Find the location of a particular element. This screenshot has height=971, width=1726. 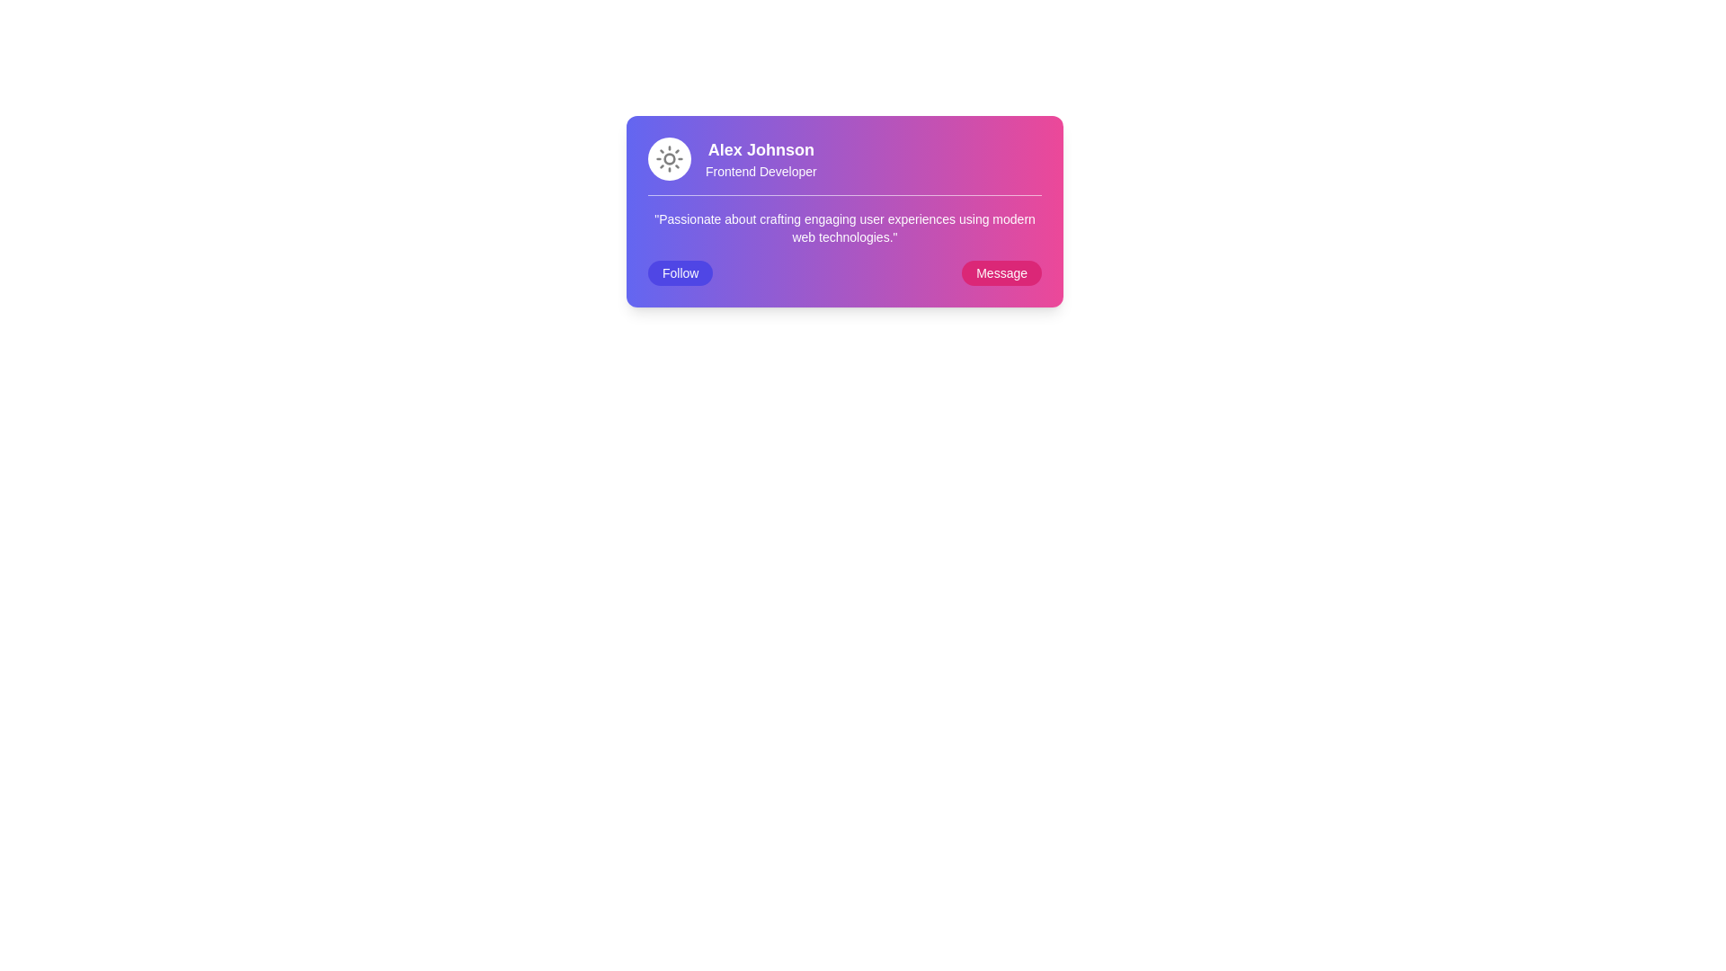

the central SVG Circle of the sun icon, which symbolizes the sun's nucleus is located at coordinates (668, 158).